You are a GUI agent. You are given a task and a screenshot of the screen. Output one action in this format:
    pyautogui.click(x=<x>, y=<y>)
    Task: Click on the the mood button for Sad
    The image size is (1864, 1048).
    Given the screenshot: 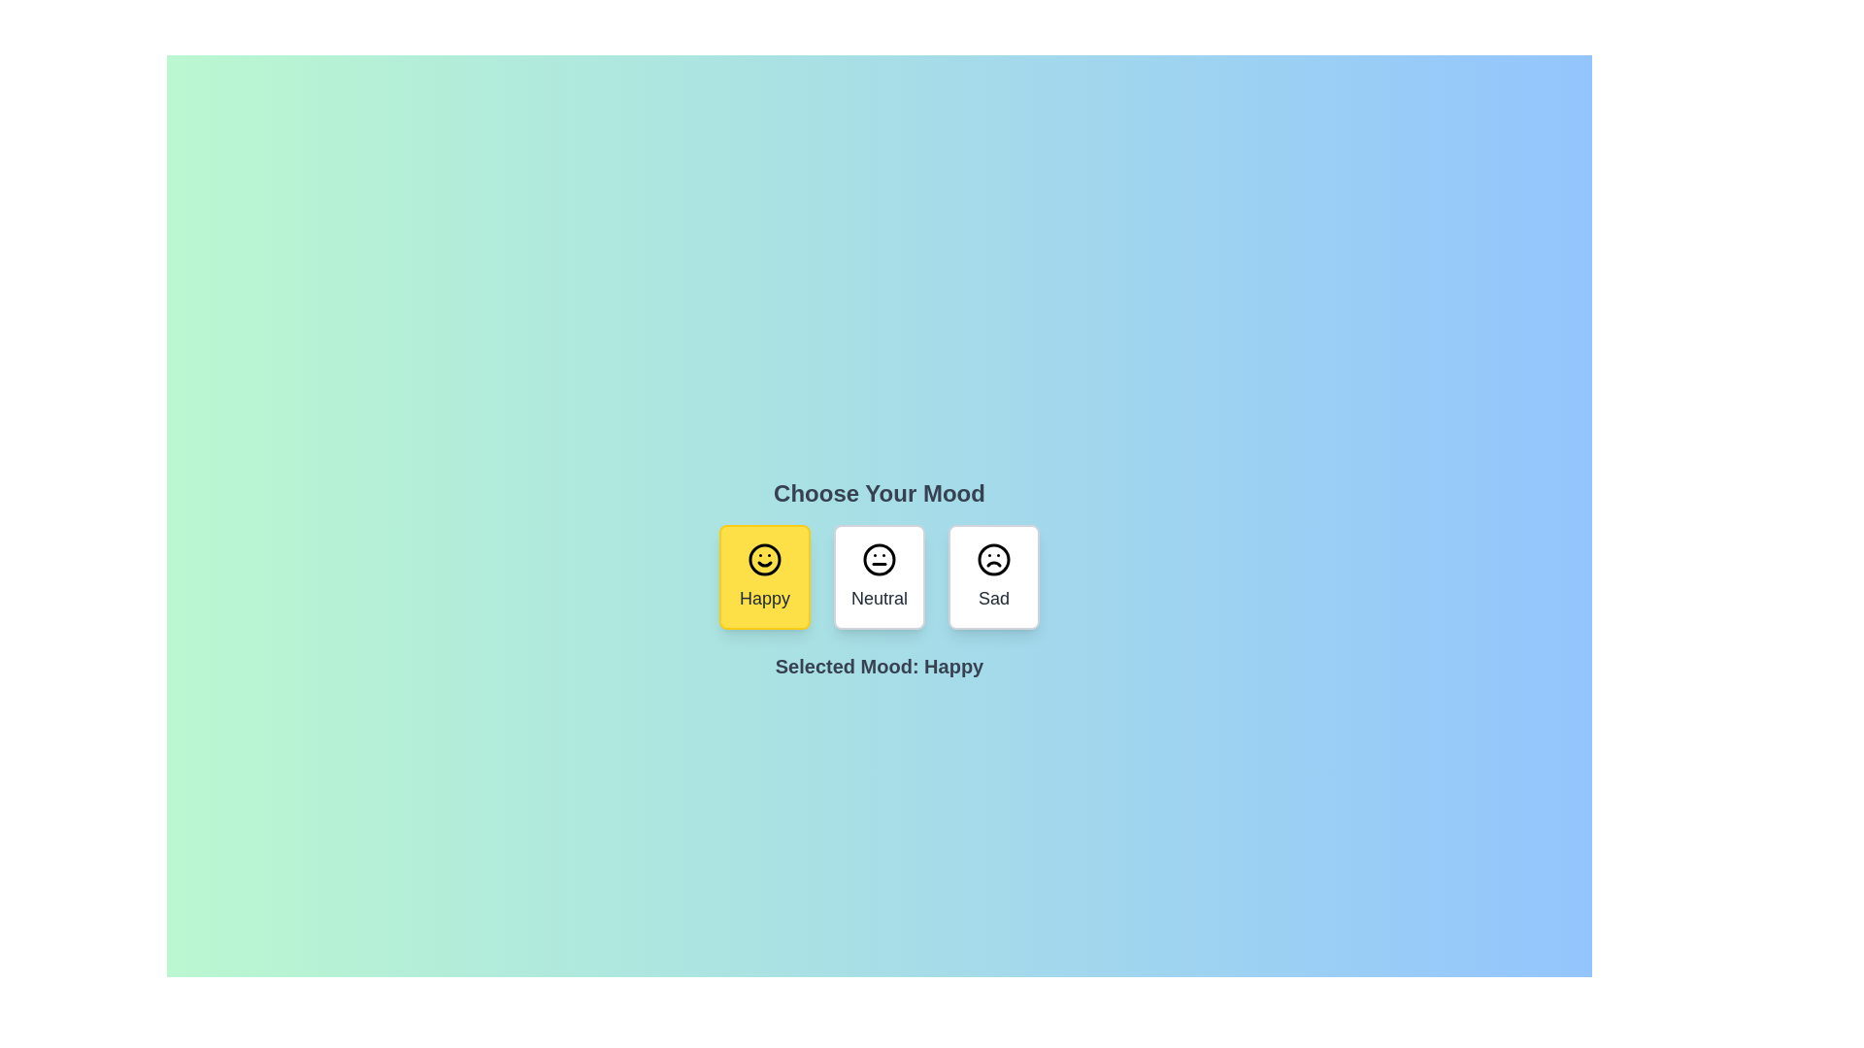 What is the action you would take?
    pyautogui.click(x=993, y=575)
    